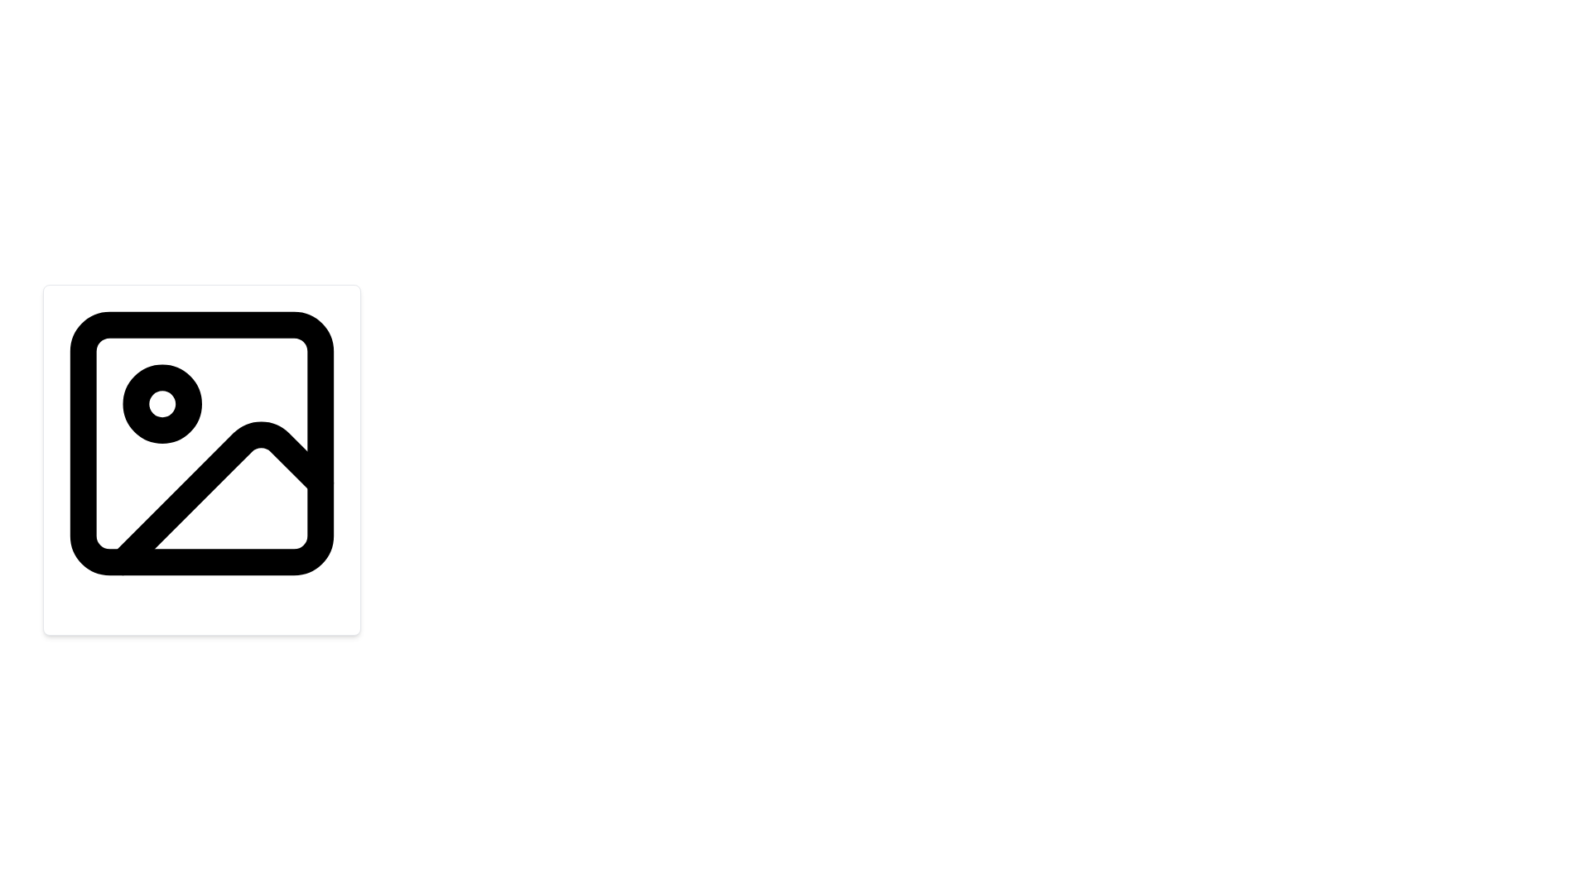 Image resolution: width=1590 pixels, height=894 pixels. I want to click on the small circular SVG graphic element with a black outline and white fill located near the top-left corner of the SVG illustration, so click(162, 404).